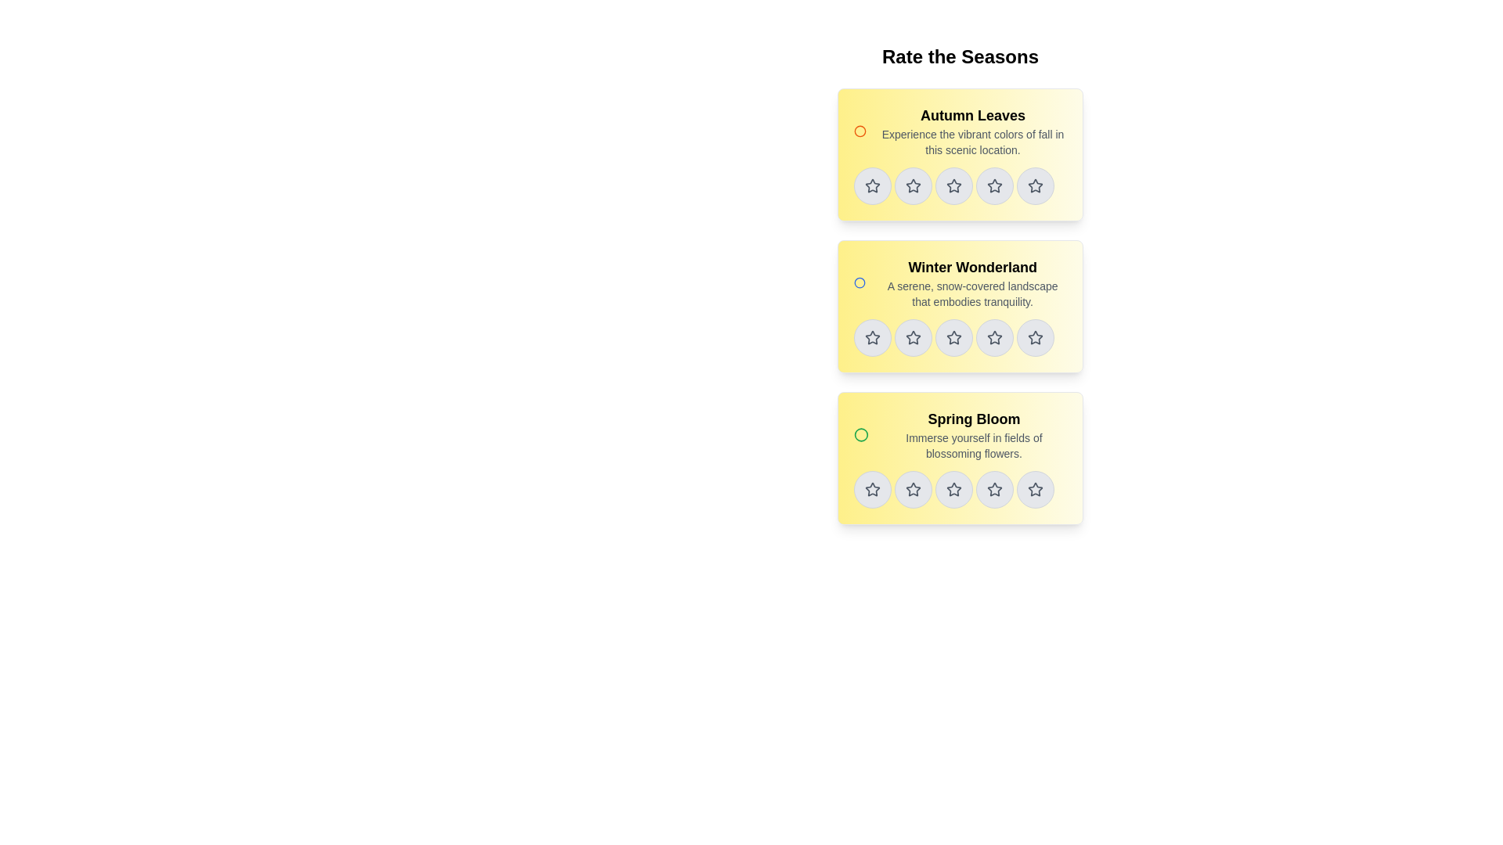 This screenshot has height=845, width=1503. Describe the element at coordinates (1036, 185) in the screenshot. I see `the fifth button in a row of rating buttons under 'Autumn Leaves' in the 'Rate the Seasons' section` at that location.